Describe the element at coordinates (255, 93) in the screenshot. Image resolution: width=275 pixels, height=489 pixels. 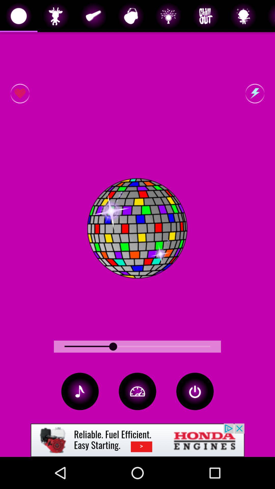
I see `the flash icon` at that location.